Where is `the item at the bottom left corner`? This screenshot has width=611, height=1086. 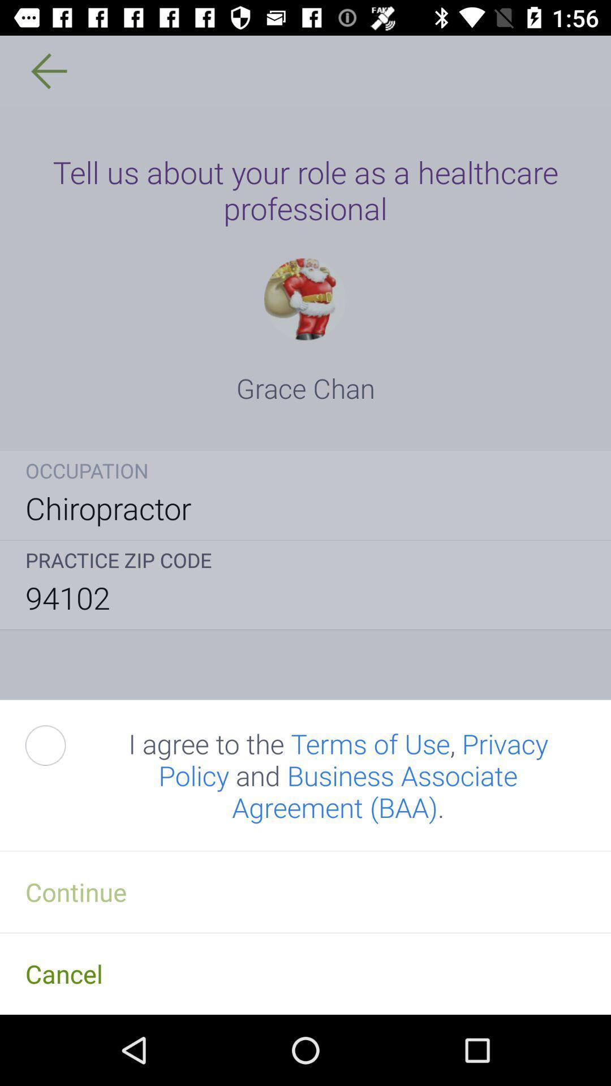 the item at the bottom left corner is located at coordinates (58, 745).